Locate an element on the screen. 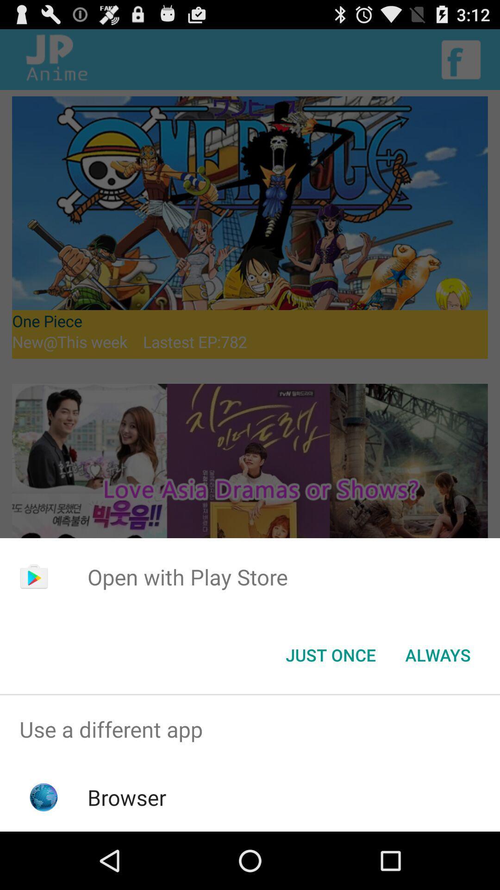 Image resolution: width=500 pixels, height=890 pixels. item below use a different item is located at coordinates (127, 797).